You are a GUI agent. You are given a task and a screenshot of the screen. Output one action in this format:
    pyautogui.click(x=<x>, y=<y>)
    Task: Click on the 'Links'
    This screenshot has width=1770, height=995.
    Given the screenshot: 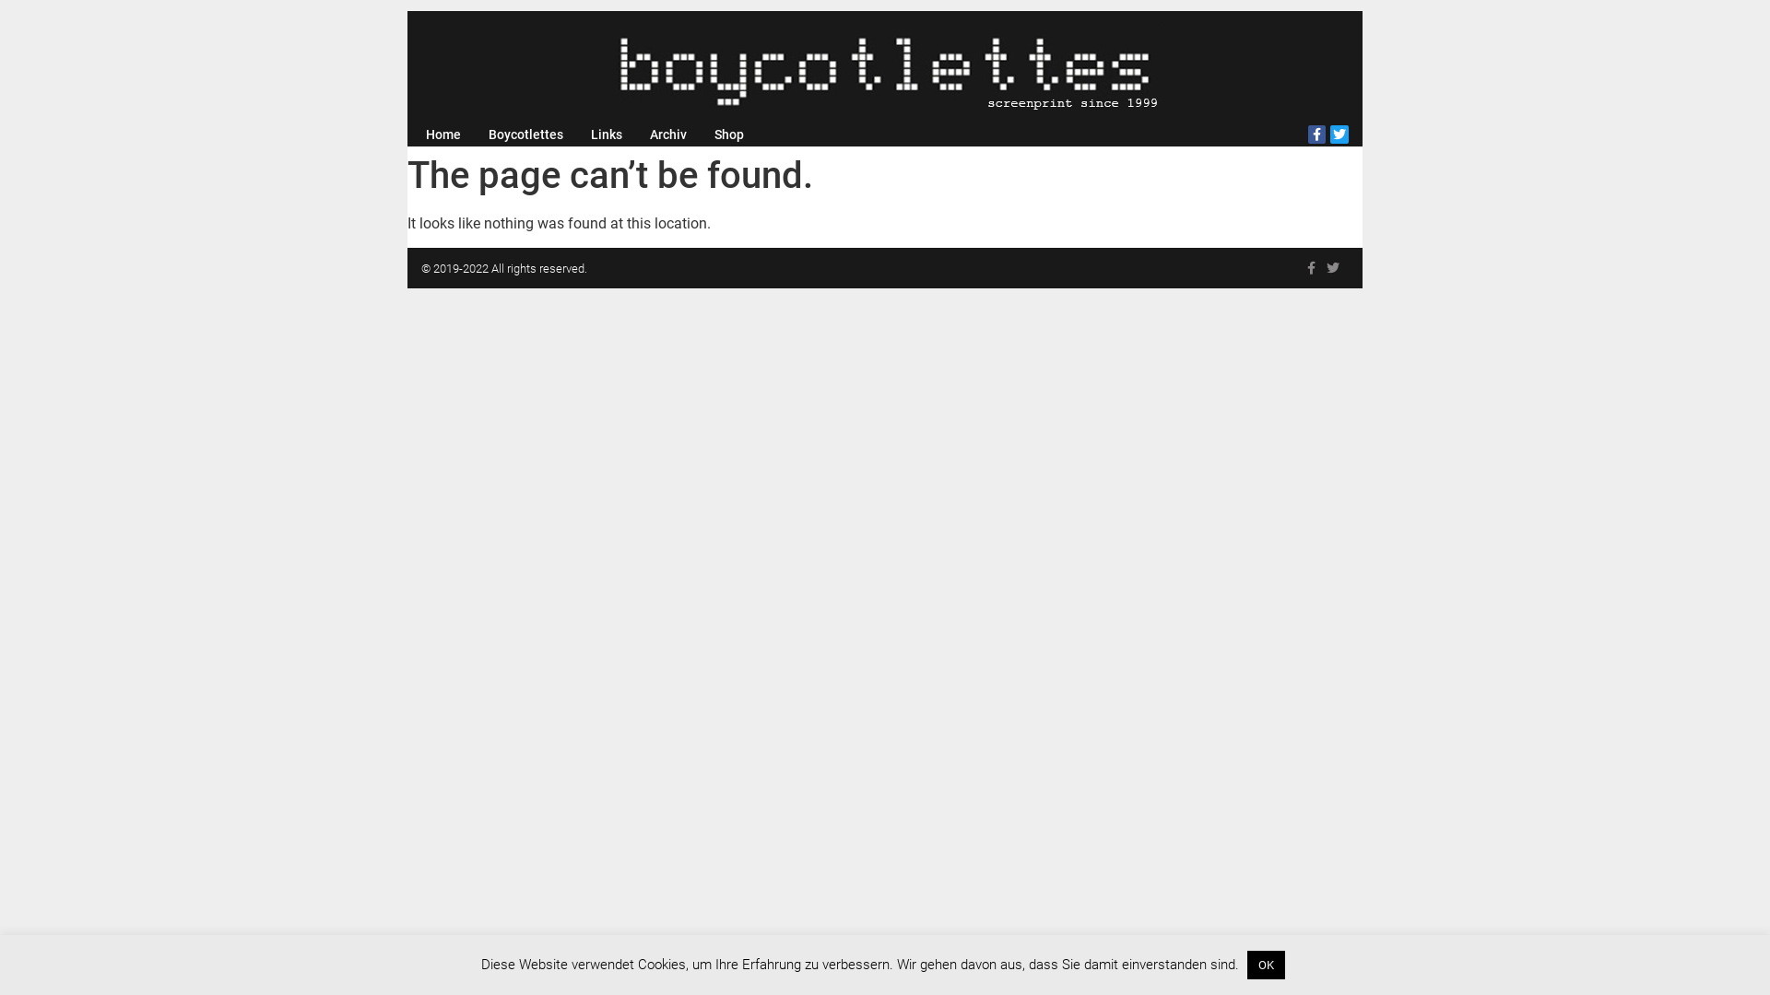 What is the action you would take?
    pyautogui.click(x=606, y=134)
    